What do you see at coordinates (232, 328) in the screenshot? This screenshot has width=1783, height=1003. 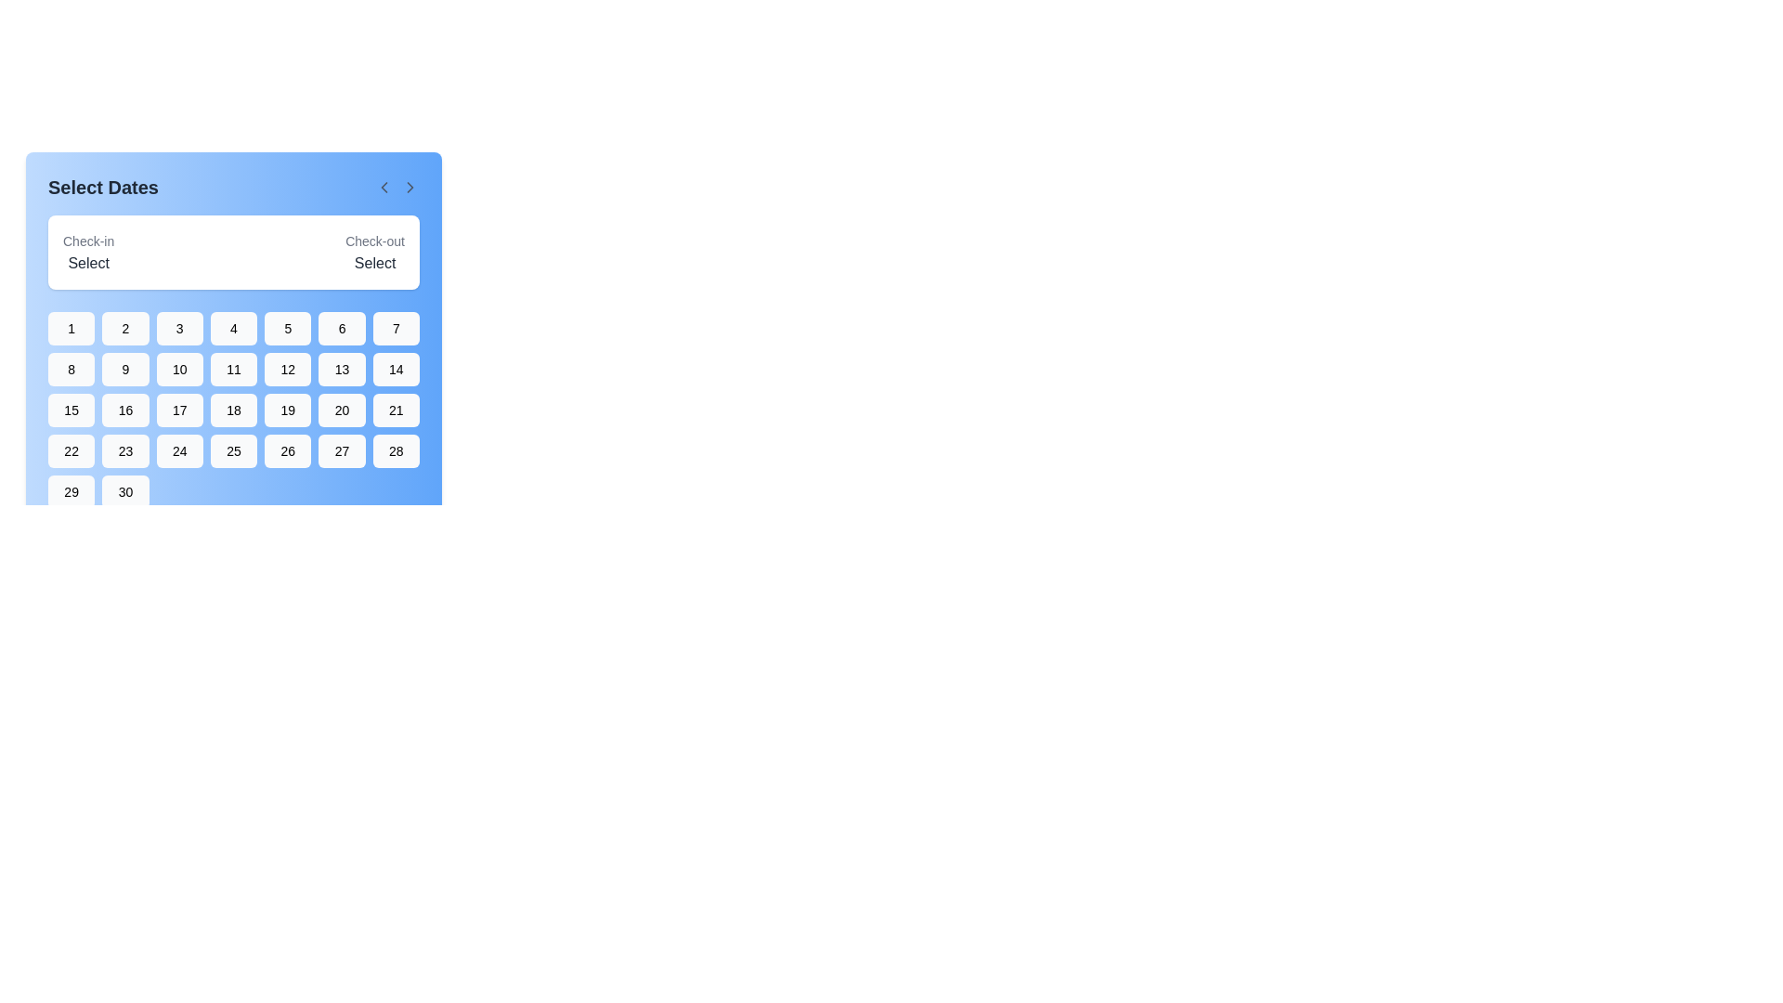 I see `the button labeled '4' which is the fourth button in the first row of a 7-column grid layout, located below the 'Select Dates' section` at bounding box center [232, 328].